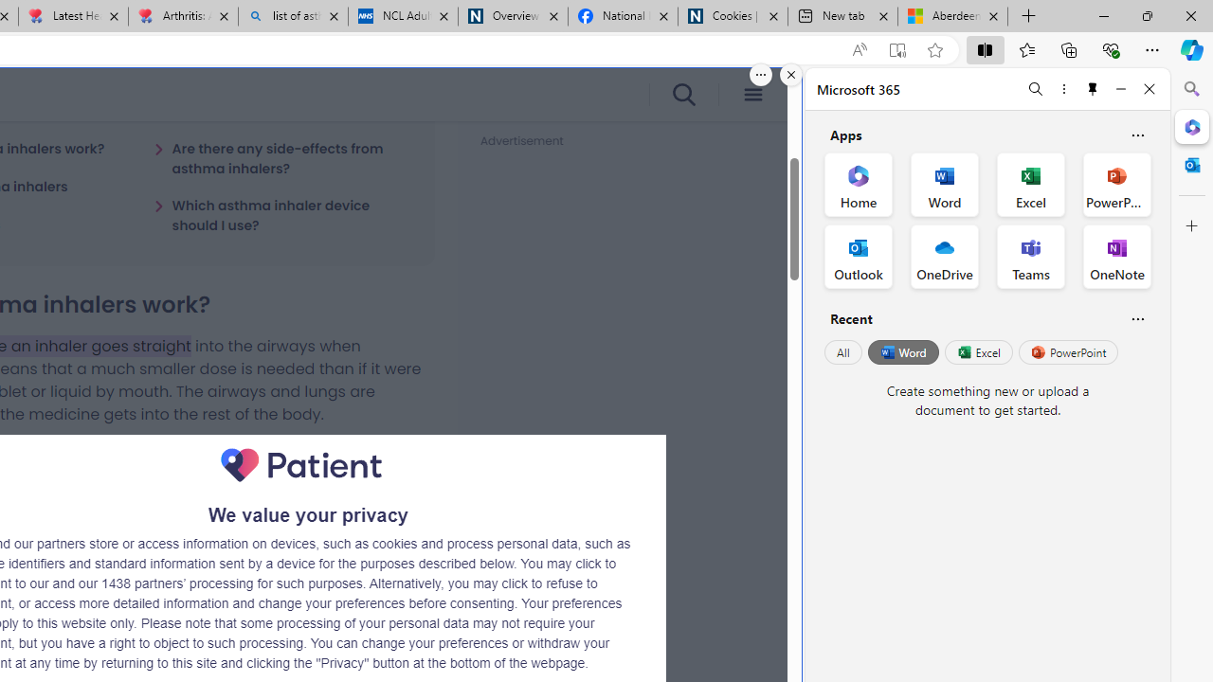  What do you see at coordinates (1025, 48) in the screenshot?
I see `'Favorites'` at bounding box center [1025, 48].